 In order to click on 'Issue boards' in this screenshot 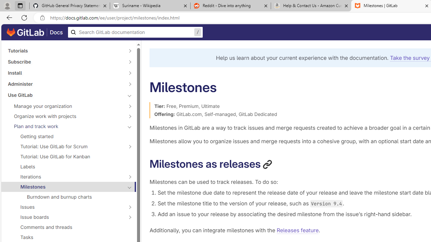, I will do `click(65, 217)`.